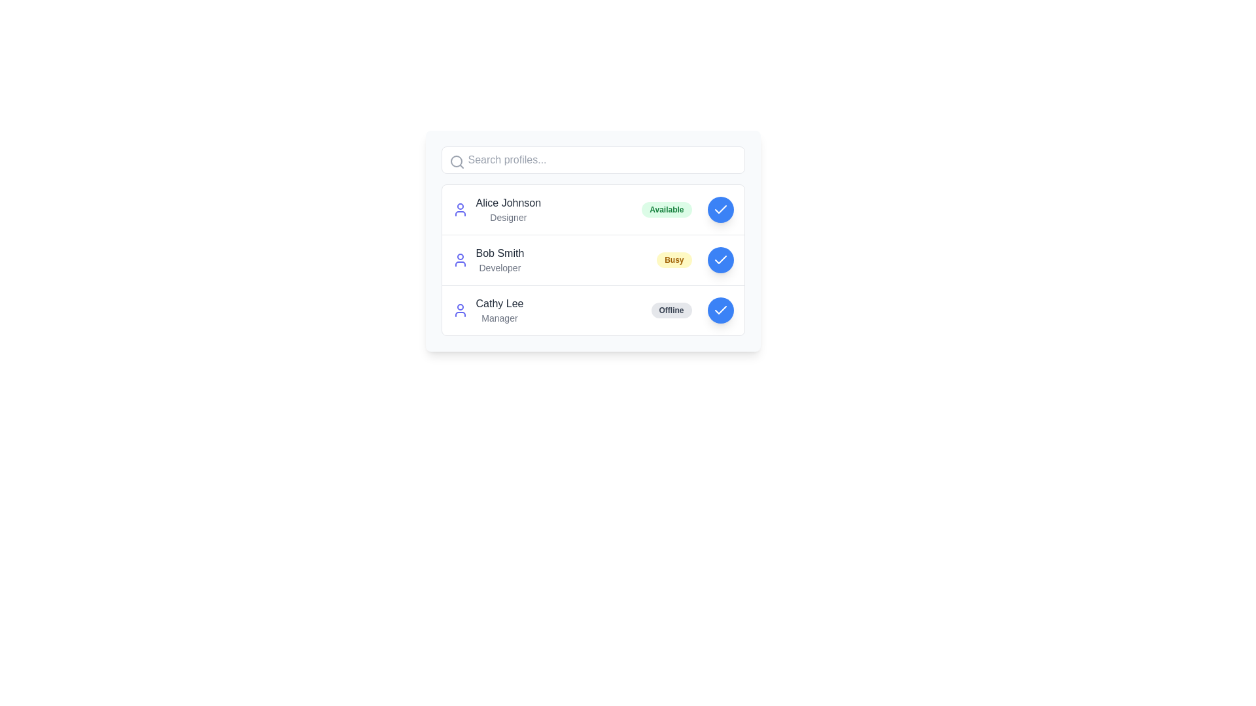 The width and height of the screenshot is (1256, 706). Describe the element at coordinates (499, 267) in the screenshot. I see `the static text label that indicates the role 'Developer' associated with the user 'Bob Smith'` at that location.